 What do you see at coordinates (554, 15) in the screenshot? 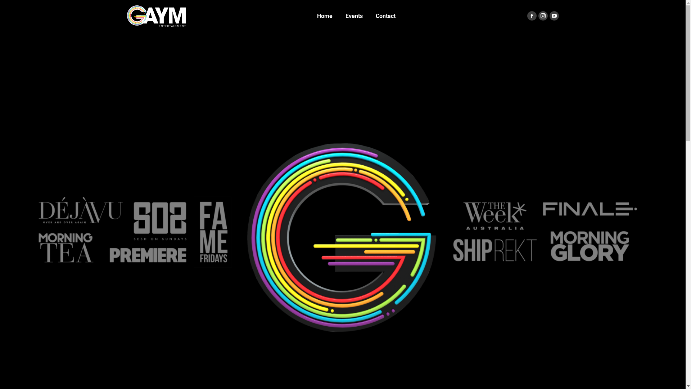
I see `'YouTube page opens in new window'` at bounding box center [554, 15].